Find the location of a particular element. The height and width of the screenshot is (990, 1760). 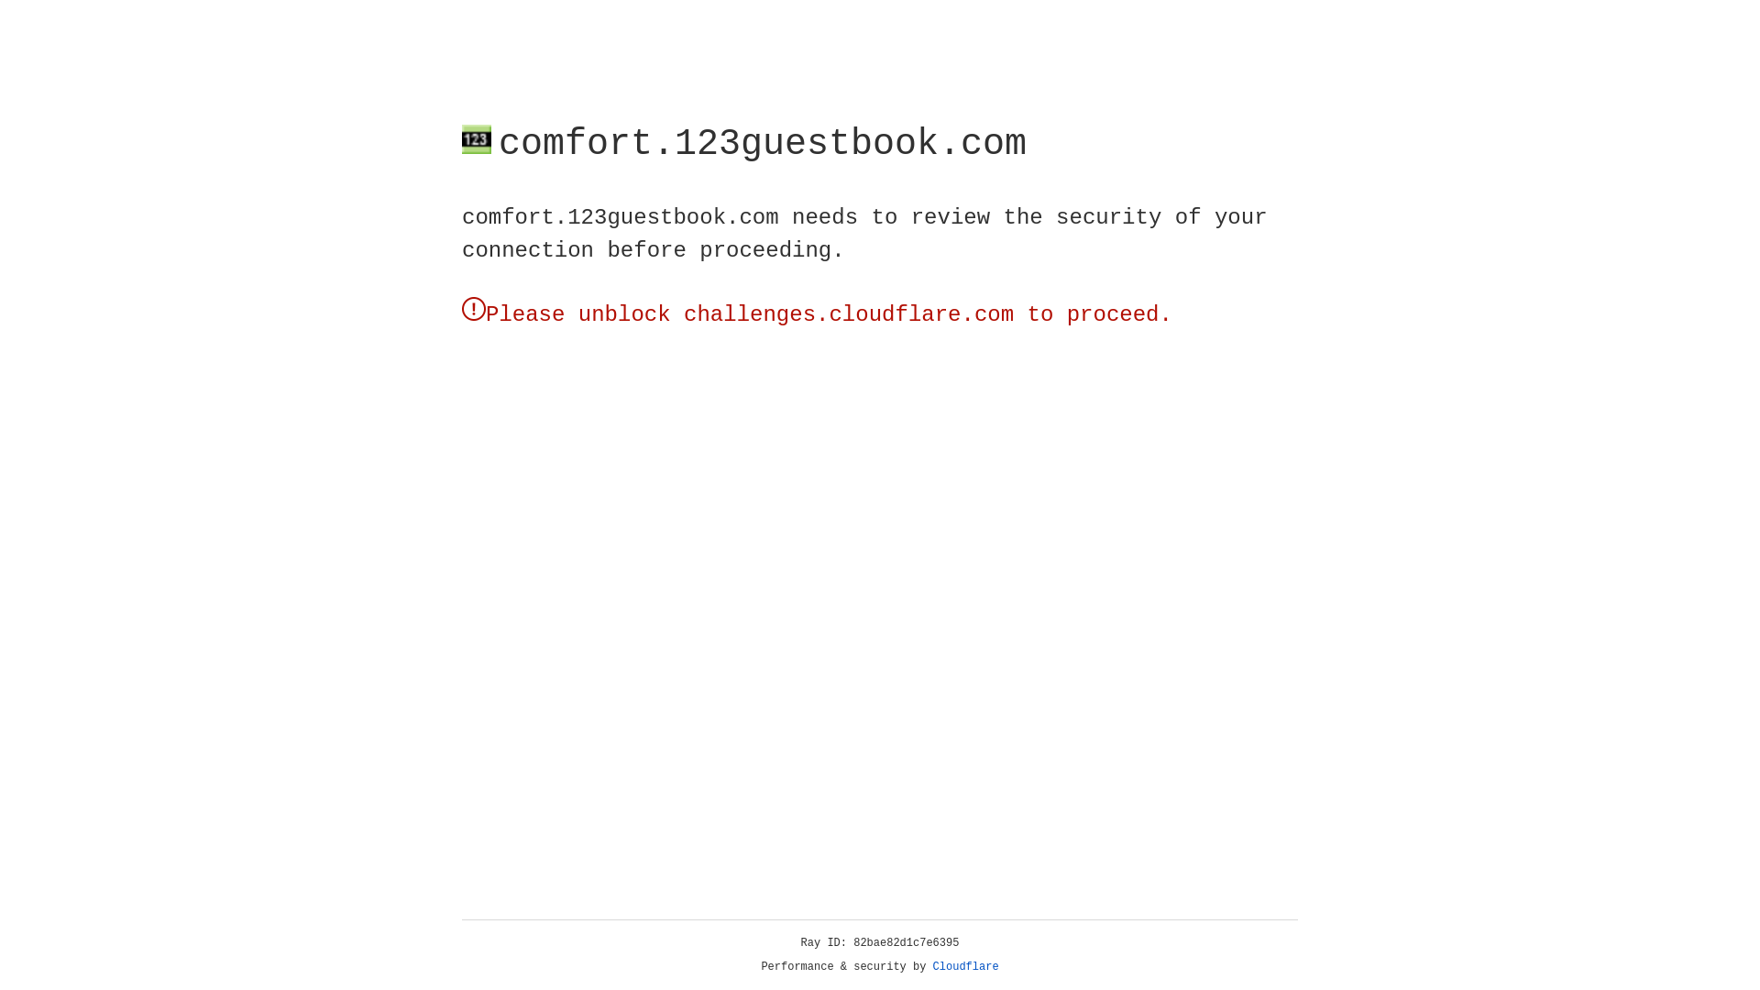

'Cloudflare' is located at coordinates (965, 966).